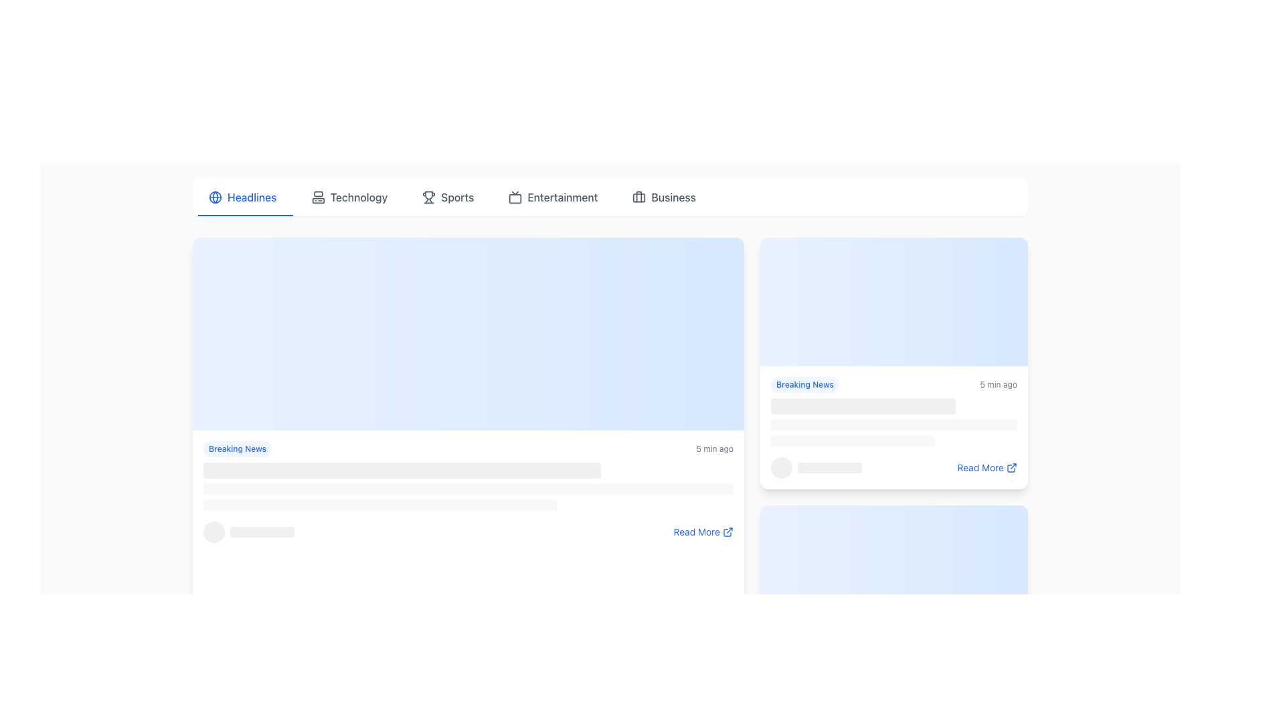  I want to click on the loading placeholder, which consists of a gray circular component on the left and a gray rectangular component on the right, both pulsating and aligned horizontally, located underneath the 'Breaking News' headline, so click(249, 531).